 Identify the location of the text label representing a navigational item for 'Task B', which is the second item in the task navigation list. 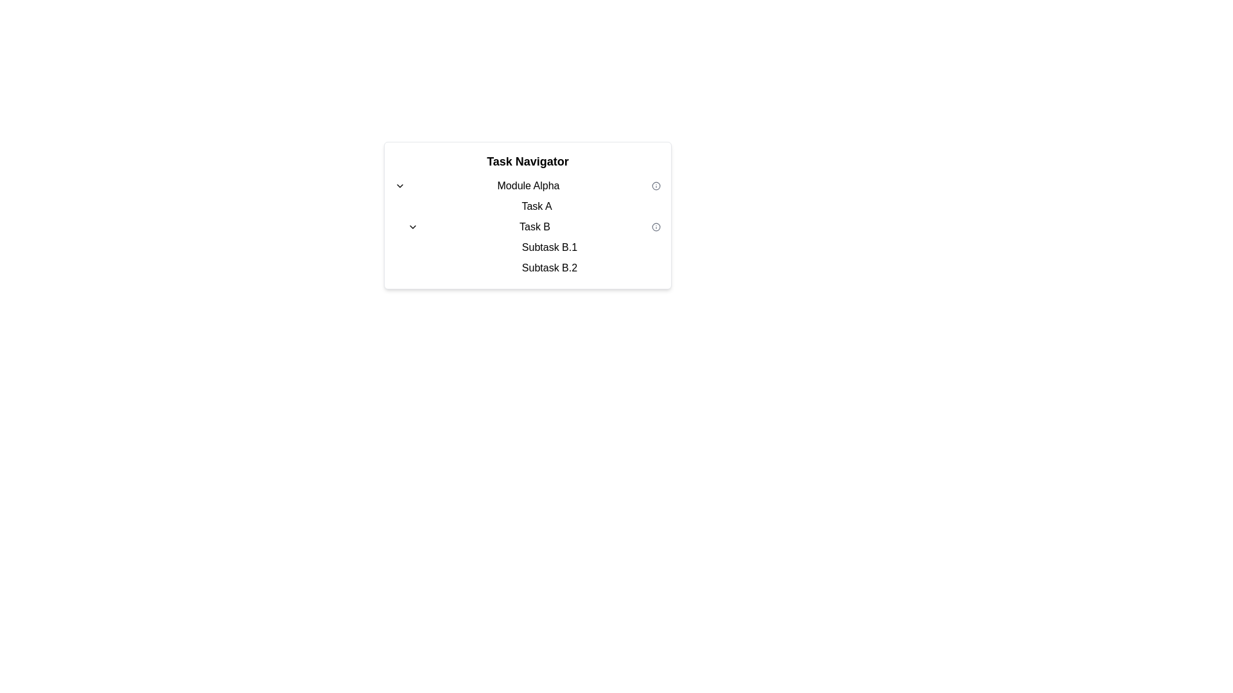
(549, 267).